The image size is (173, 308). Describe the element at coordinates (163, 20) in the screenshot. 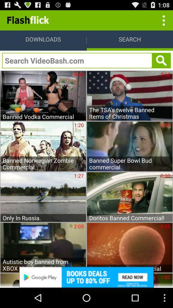

I see `to go storage` at that location.